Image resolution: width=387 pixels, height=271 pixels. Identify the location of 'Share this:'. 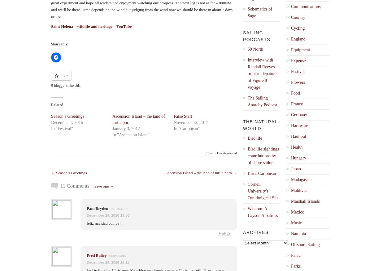
(59, 44).